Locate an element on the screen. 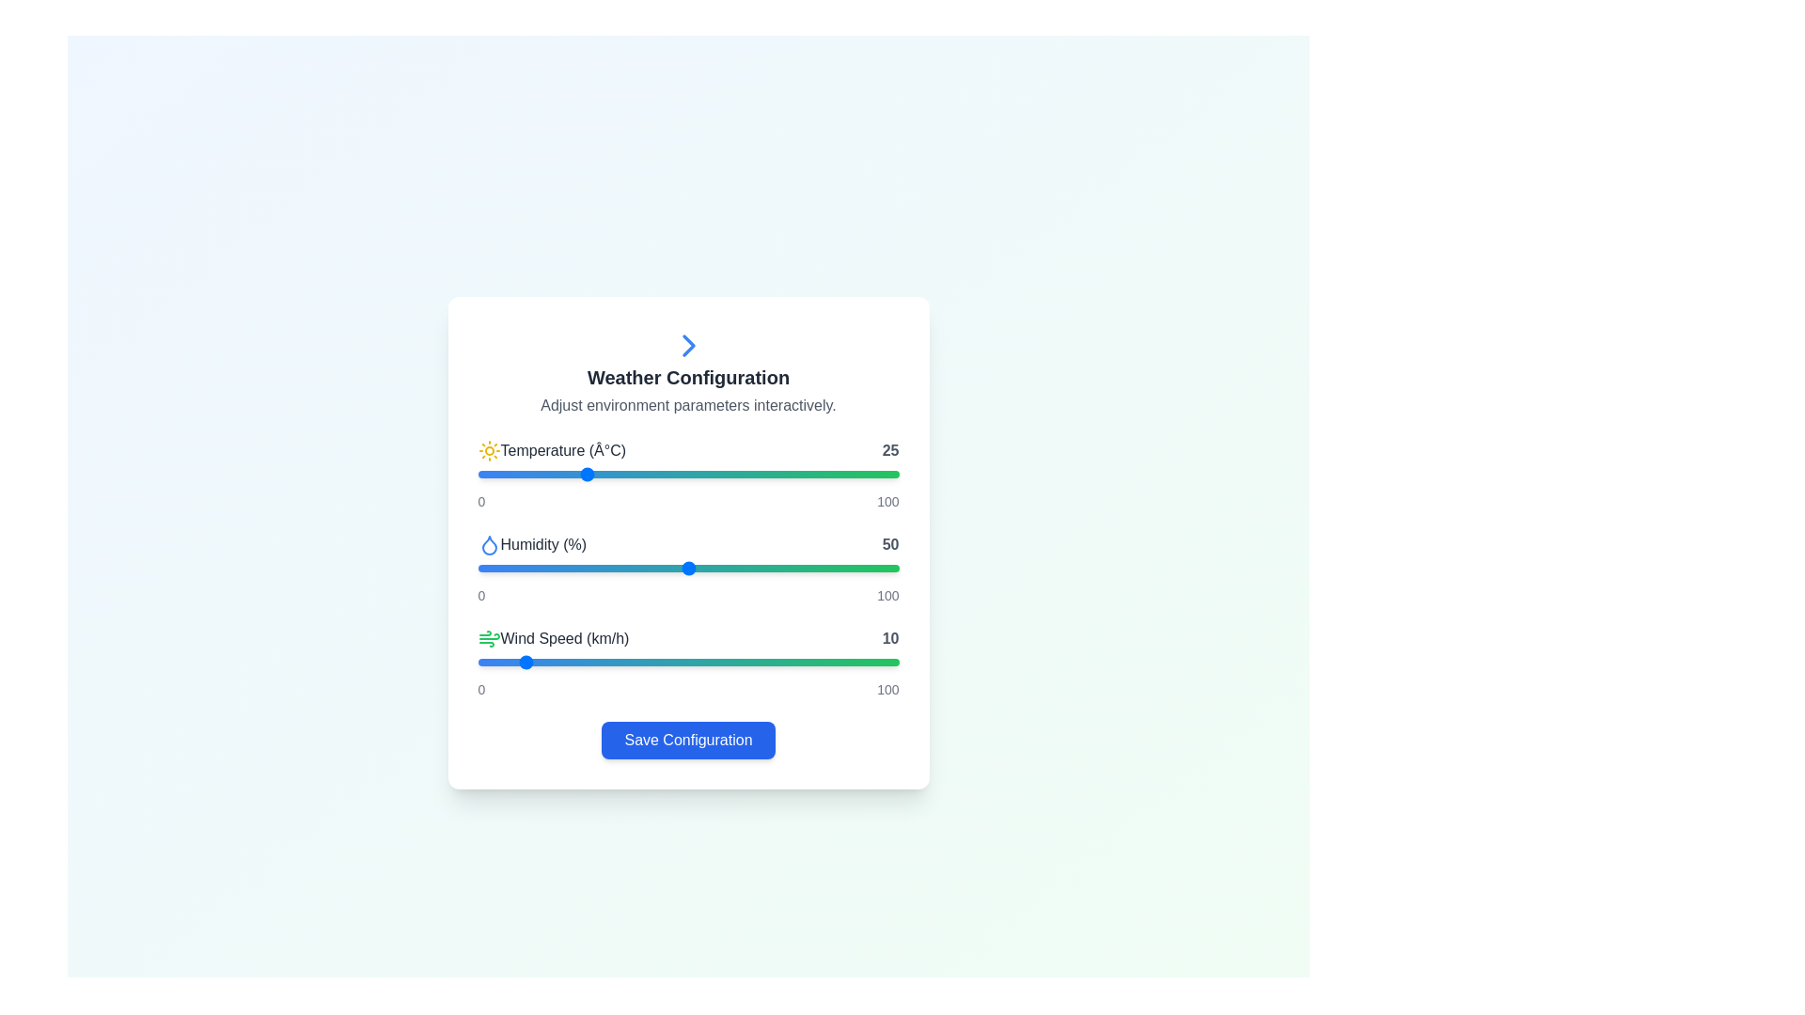 Image resolution: width=1805 pixels, height=1015 pixels. the 'Save Changes' button located at the bottom of the 'Weather Configuration' panel is located at coordinates (687, 739).